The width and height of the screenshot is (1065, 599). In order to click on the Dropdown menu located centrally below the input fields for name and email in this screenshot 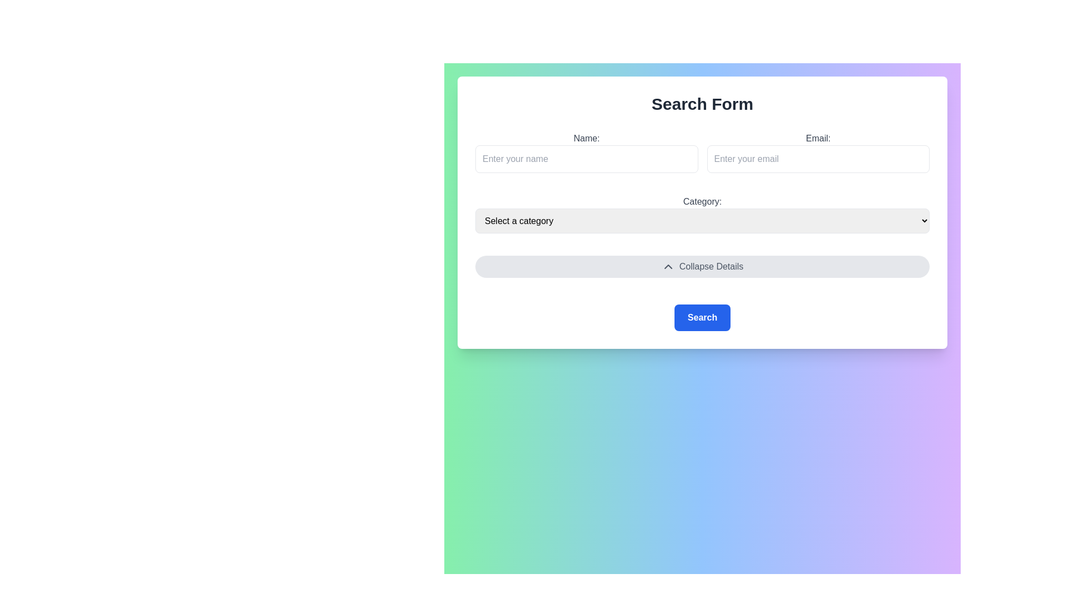, I will do `click(702, 214)`.